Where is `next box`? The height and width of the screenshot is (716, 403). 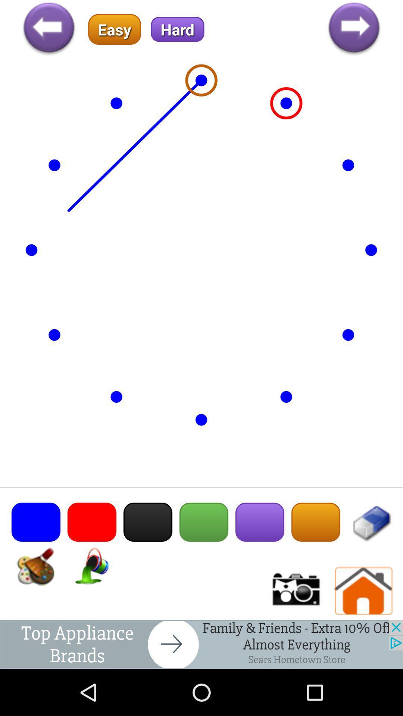
next box is located at coordinates (201, 644).